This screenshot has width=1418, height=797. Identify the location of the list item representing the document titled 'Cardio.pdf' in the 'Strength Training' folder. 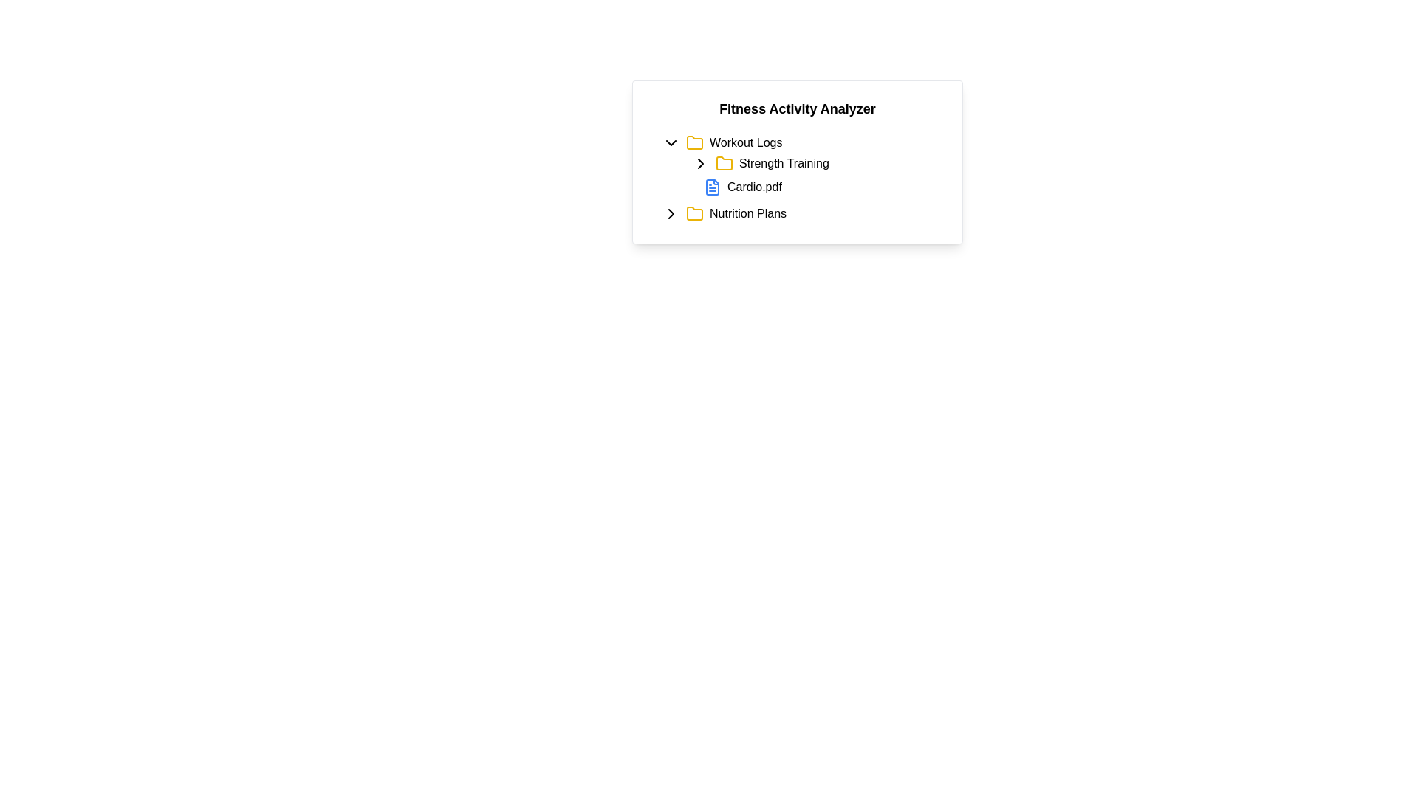
(811, 187).